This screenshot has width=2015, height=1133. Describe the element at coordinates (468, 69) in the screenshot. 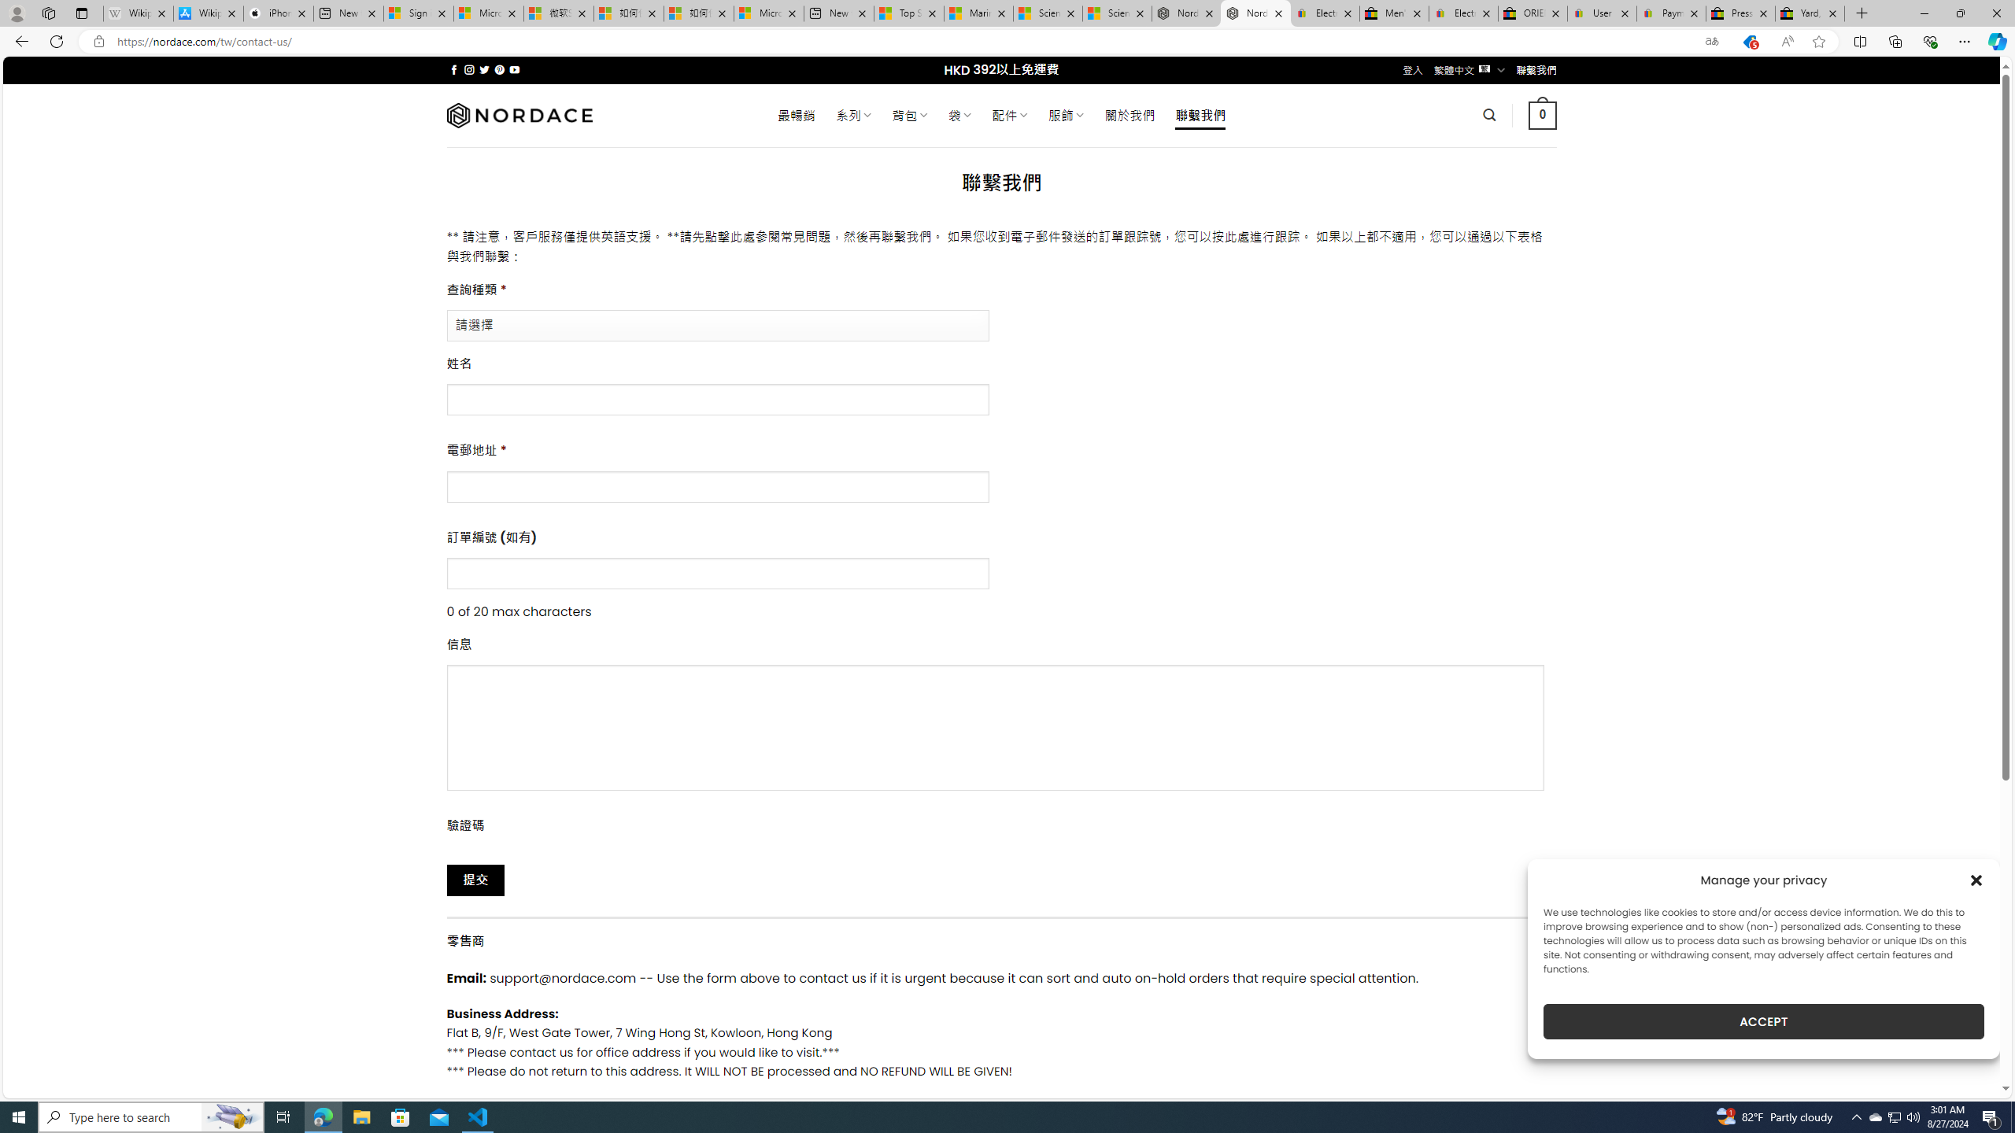

I see `'Follow on Instagram'` at that location.